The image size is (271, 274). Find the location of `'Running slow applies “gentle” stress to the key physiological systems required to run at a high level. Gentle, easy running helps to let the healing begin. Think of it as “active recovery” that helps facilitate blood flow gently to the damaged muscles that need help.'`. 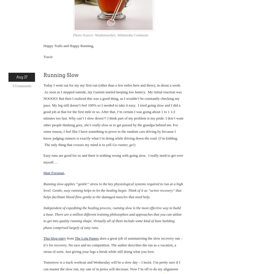

'Running slow applies “gentle” stress to the key physiological systems required to run at a high level. Gentle, easy running helps to let the healing begin. Think of it as “active recovery” that helps facilitate blood flow gently to the damaged muscles that need help.' is located at coordinates (113, 190).